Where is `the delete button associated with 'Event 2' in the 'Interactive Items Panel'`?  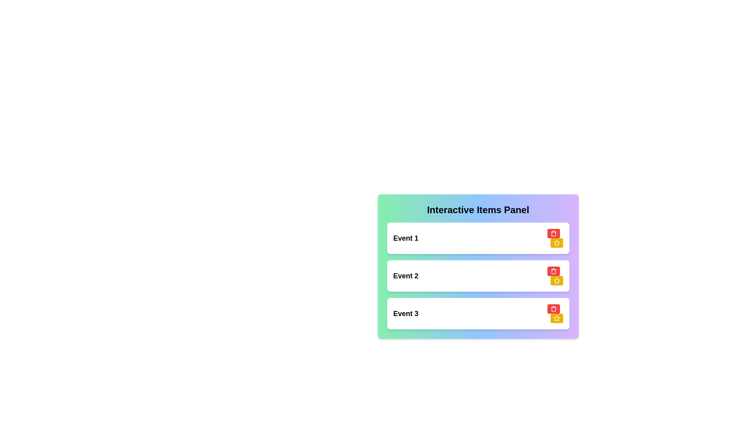 the delete button associated with 'Event 2' in the 'Interactive Items Panel' is located at coordinates (553, 270).